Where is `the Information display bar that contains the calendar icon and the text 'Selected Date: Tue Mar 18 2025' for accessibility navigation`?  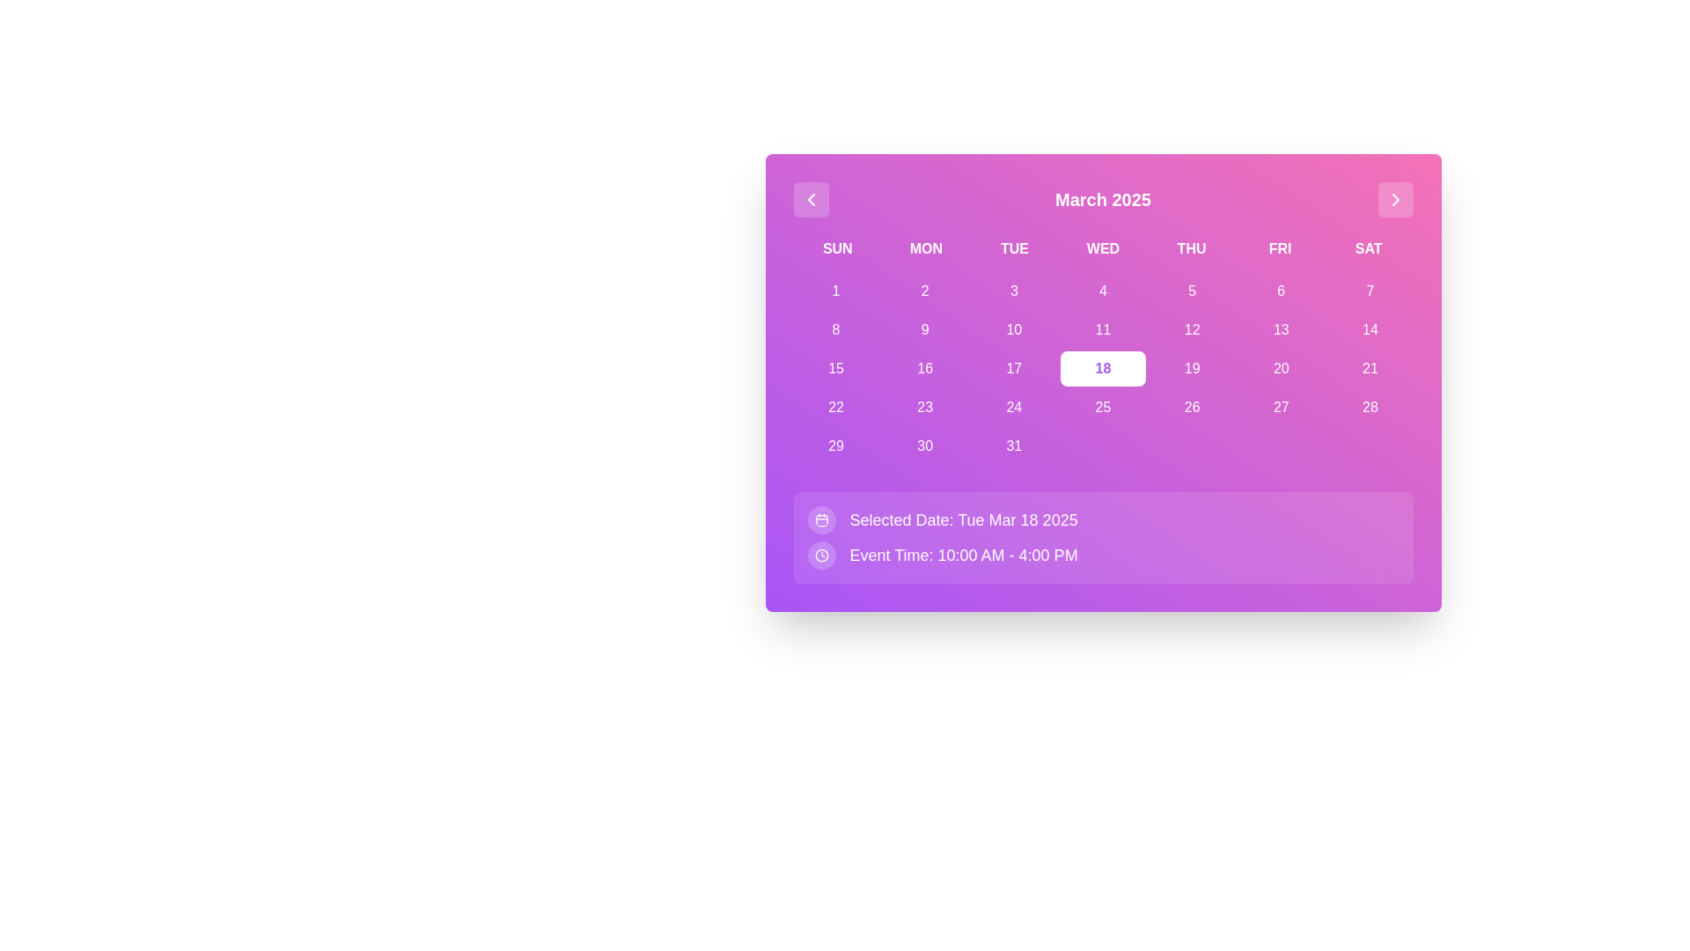 the Information display bar that contains the calendar icon and the text 'Selected Date: Tue Mar 18 2025' for accessibility navigation is located at coordinates (1102, 519).